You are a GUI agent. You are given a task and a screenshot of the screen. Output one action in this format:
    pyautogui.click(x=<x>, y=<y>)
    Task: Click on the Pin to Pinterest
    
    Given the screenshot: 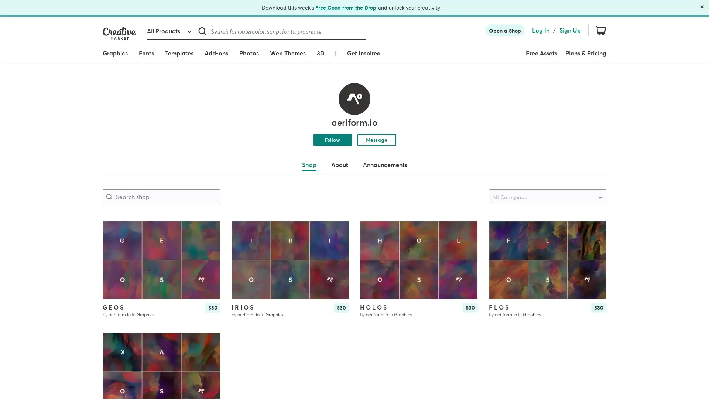 What is the action you would take?
    pyautogui.click(x=501, y=233)
    